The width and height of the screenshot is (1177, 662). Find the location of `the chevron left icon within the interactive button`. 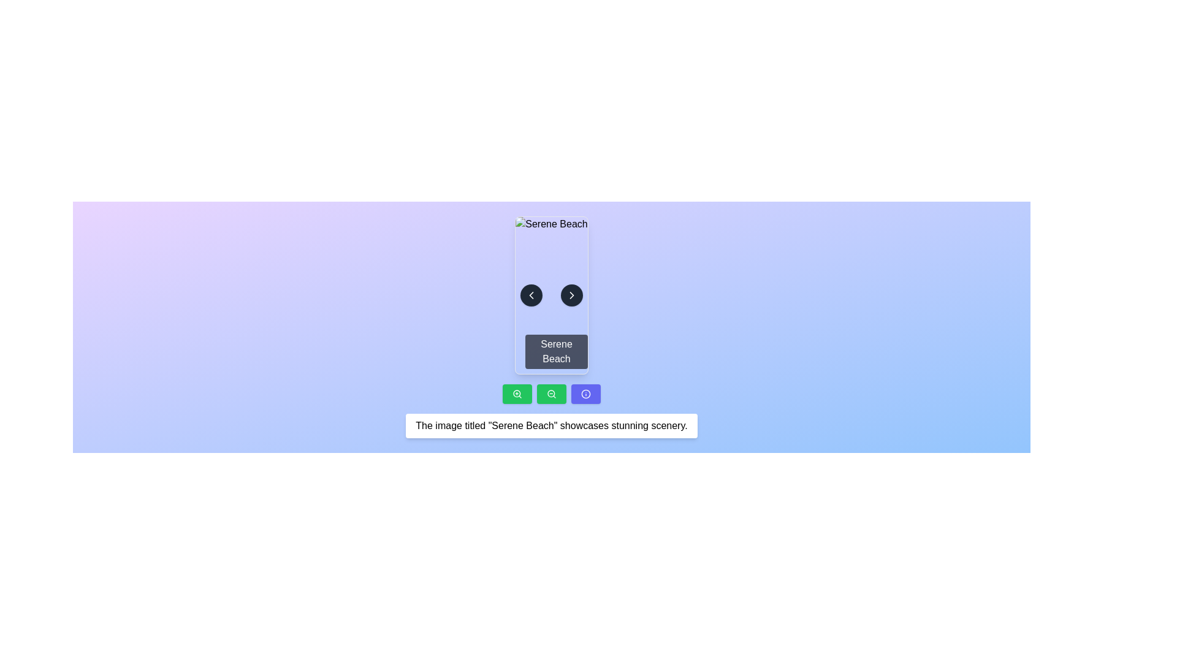

the chevron left icon within the interactive button is located at coordinates (531, 295).